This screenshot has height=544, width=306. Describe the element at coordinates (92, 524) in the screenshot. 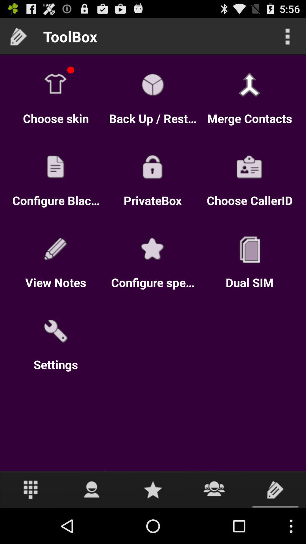

I see `the avatar icon` at that location.